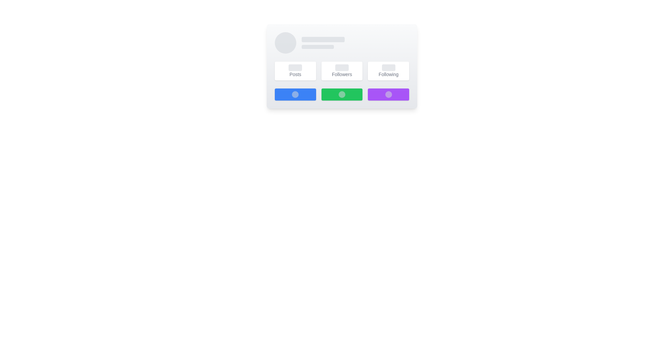  I want to click on the multi-item display component consisting of three information cards labeled 'Posts', 'Followers', and 'Following' located centrally below a circular avatar, so click(342, 71).